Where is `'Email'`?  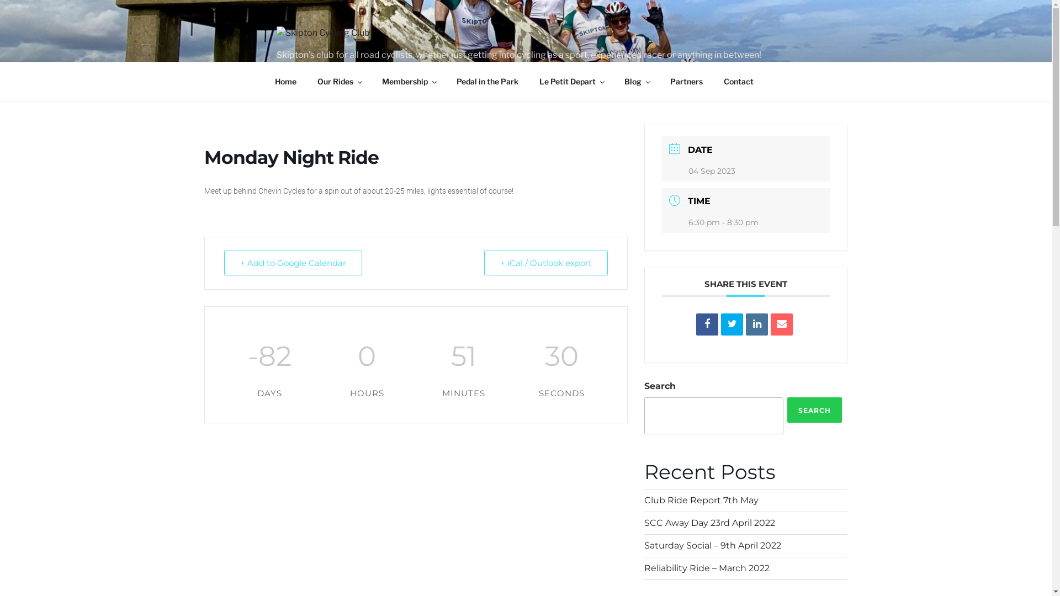
'Email' is located at coordinates (781, 323).